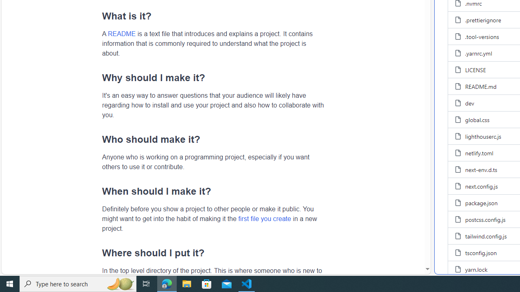 This screenshot has width=520, height=292. What do you see at coordinates (470, 103) in the screenshot?
I see `'dev, (File)'` at bounding box center [470, 103].